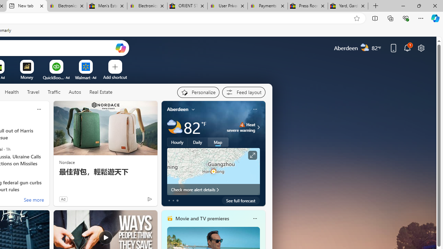 The width and height of the screenshot is (443, 249). Describe the element at coordinates (149, 199) in the screenshot. I see `'Ad Choice'` at that location.